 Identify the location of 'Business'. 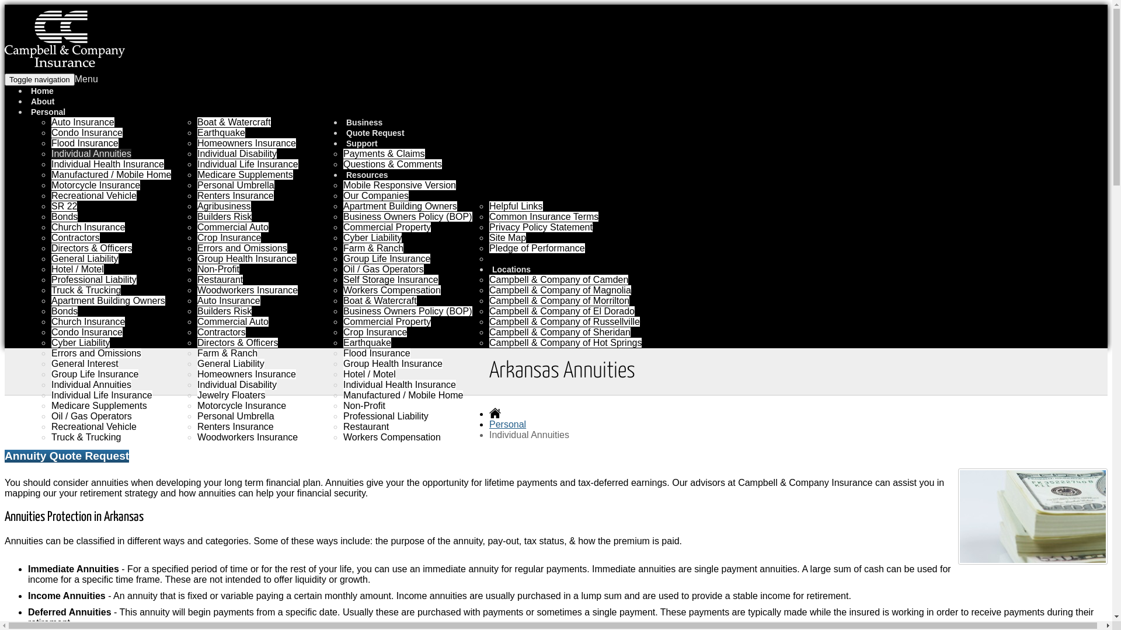
(364, 122).